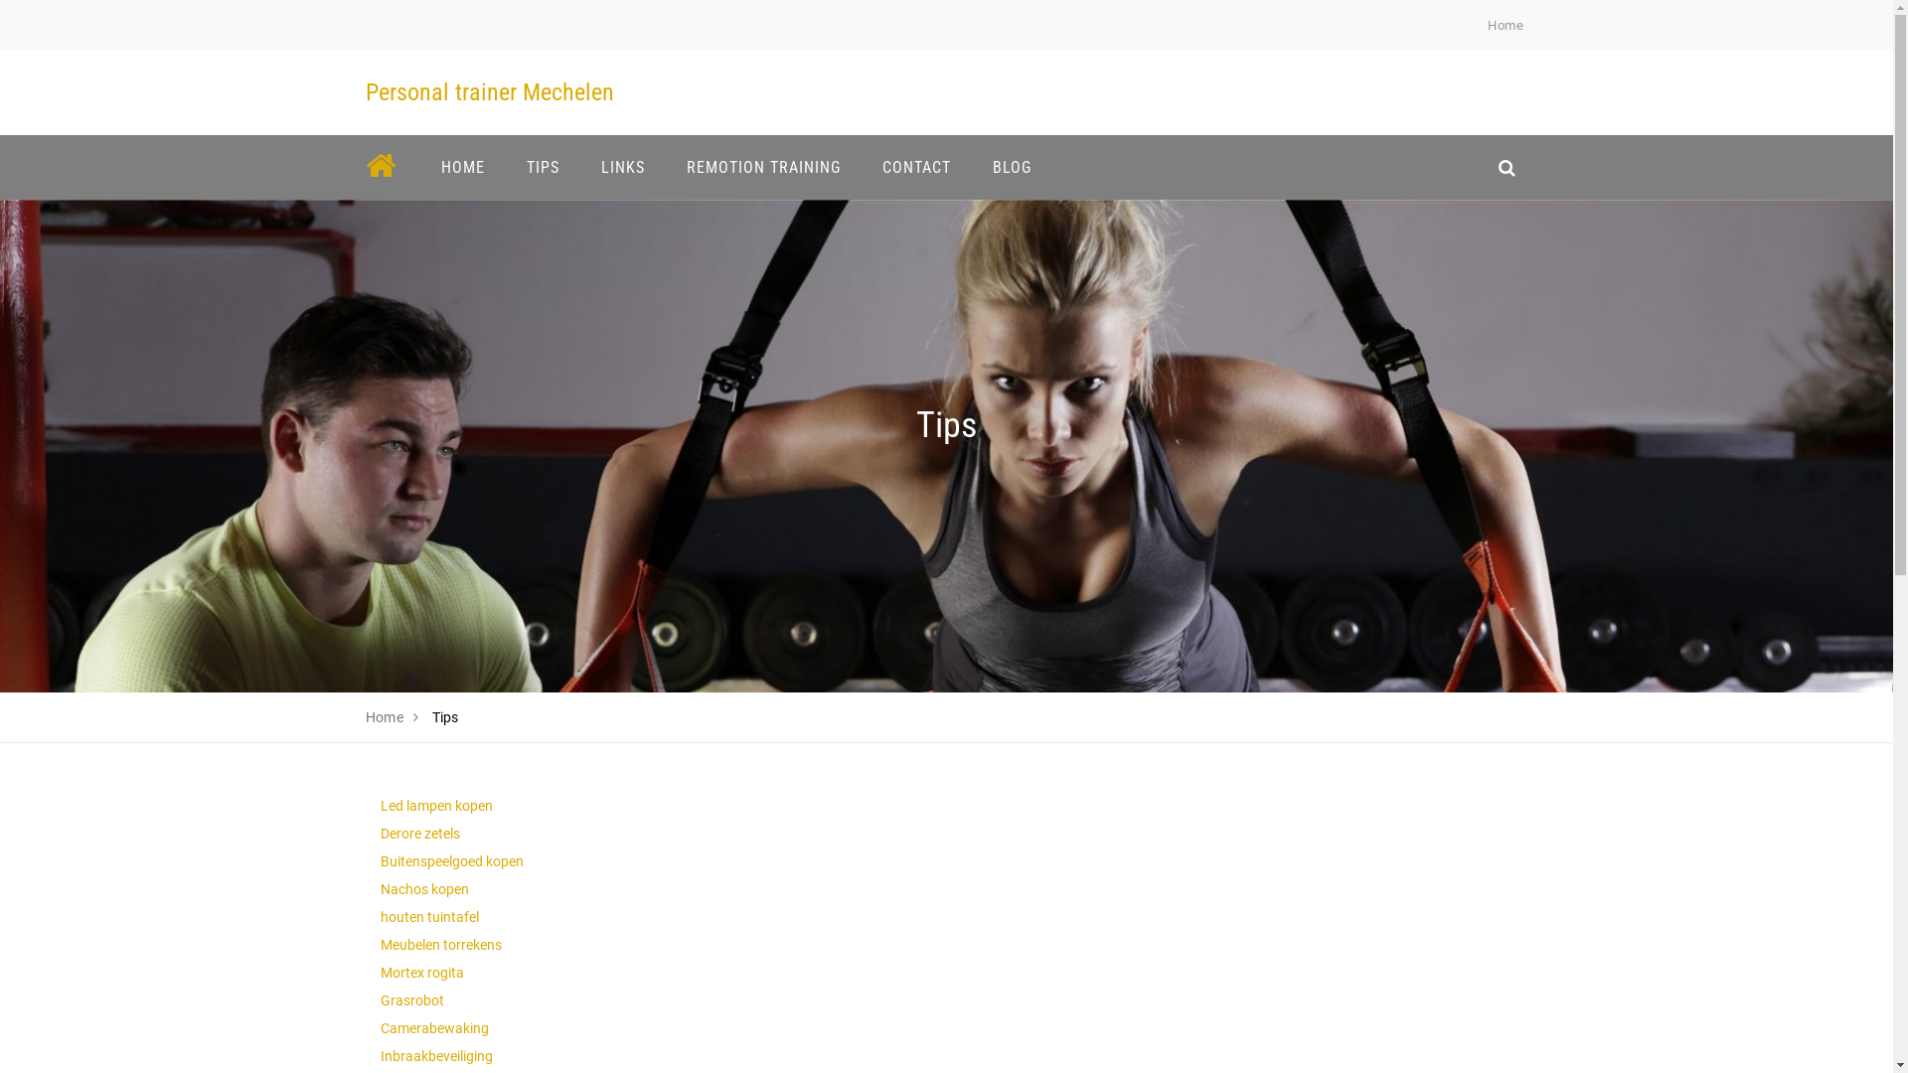 The height and width of the screenshot is (1073, 1908). What do you see at coordinates (542, 166) in the screenshot?
I see `'TIPS'` at bounding box center [542, 166].